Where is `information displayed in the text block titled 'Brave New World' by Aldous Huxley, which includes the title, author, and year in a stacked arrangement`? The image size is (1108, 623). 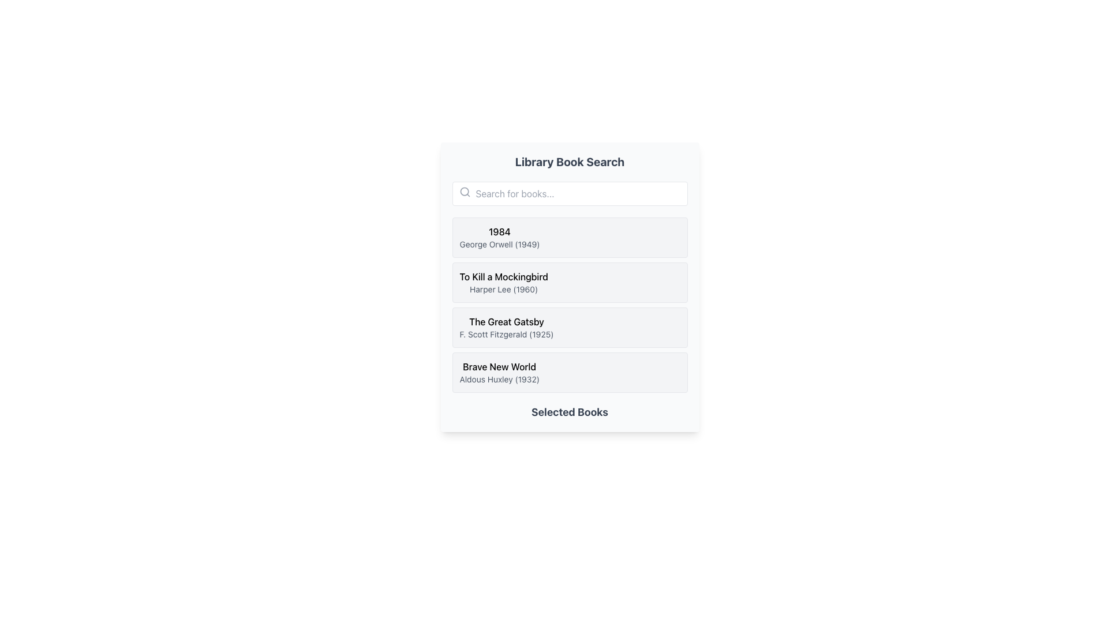
information displayed in the text block titled 'Brave New World' by Aldous Huxley, which includes the title, author, and year in a stacked arrangement is located at coordinates (499, 372).